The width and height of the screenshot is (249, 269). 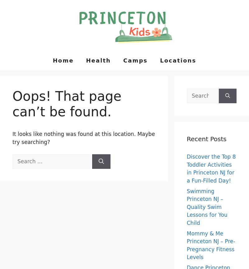 What do you see at coordinates (67, 104) in the screenshot?
I see `'Oops! That page can’t be found.'` at bounding box center [67, 104].